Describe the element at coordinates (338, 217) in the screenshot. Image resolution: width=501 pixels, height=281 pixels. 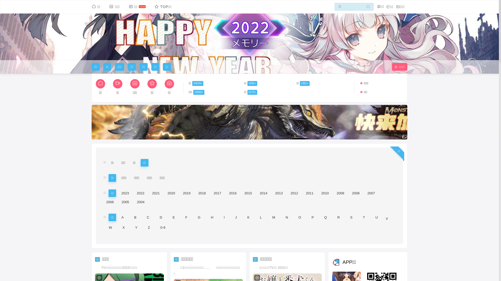
I see `'R'` at that location.